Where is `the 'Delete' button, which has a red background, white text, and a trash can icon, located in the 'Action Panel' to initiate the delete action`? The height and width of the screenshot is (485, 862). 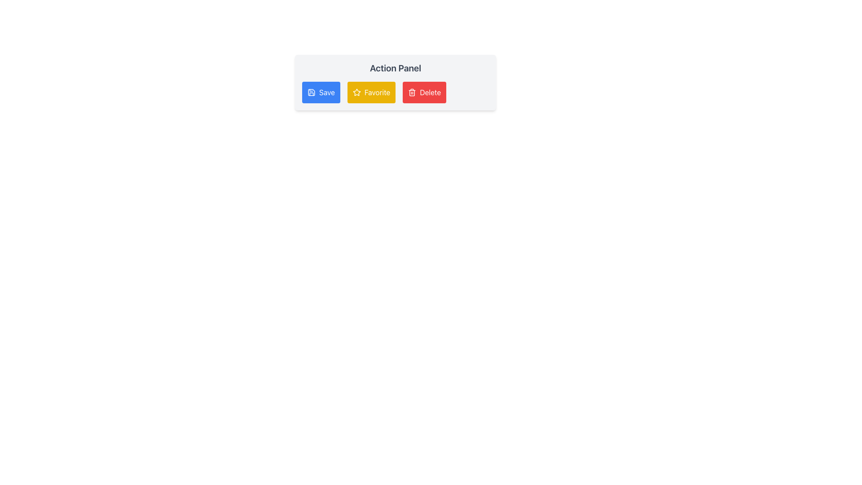 the 'Delete' button, which has a red background, white text, and a trash can icon, located in the 'Action Panel' to initiate the delete action is located at coordinates (424, 92).